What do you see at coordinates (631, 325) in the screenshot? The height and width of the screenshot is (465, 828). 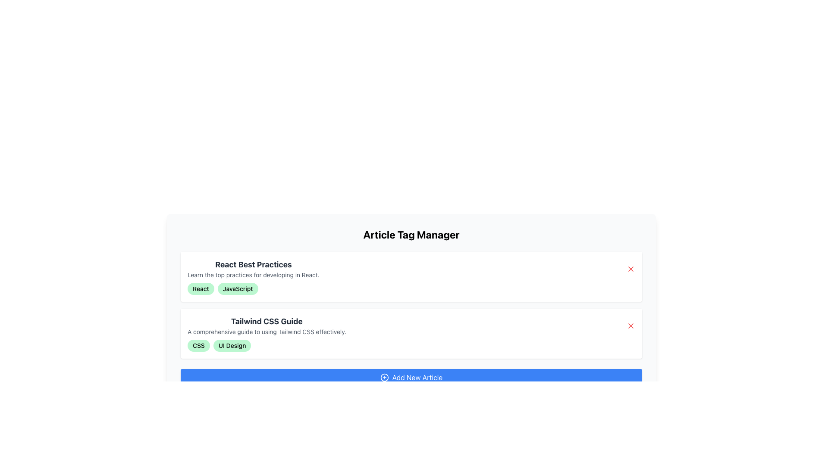 I see `the small red 'X' icon representing the close button located in the upper-right corner of the rectangular box containing the 'Tailwind CSS Guide' title and description` at bounding box center [631, 325].